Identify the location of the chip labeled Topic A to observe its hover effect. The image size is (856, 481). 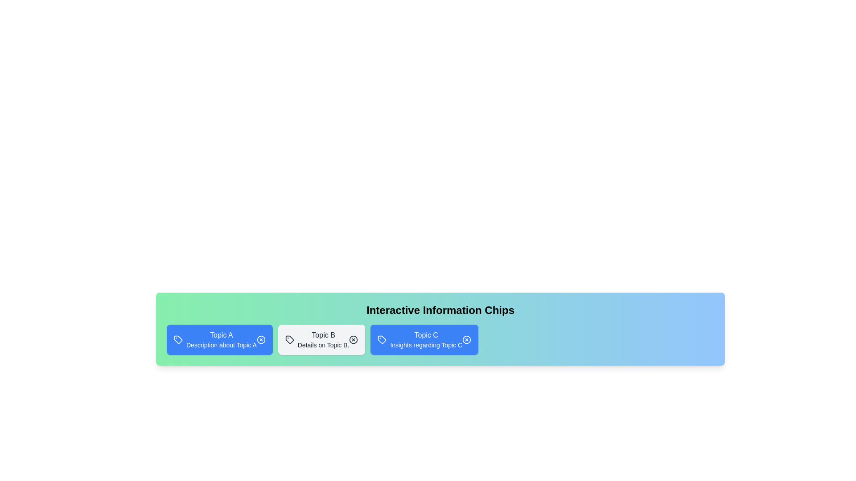
(219, 340).